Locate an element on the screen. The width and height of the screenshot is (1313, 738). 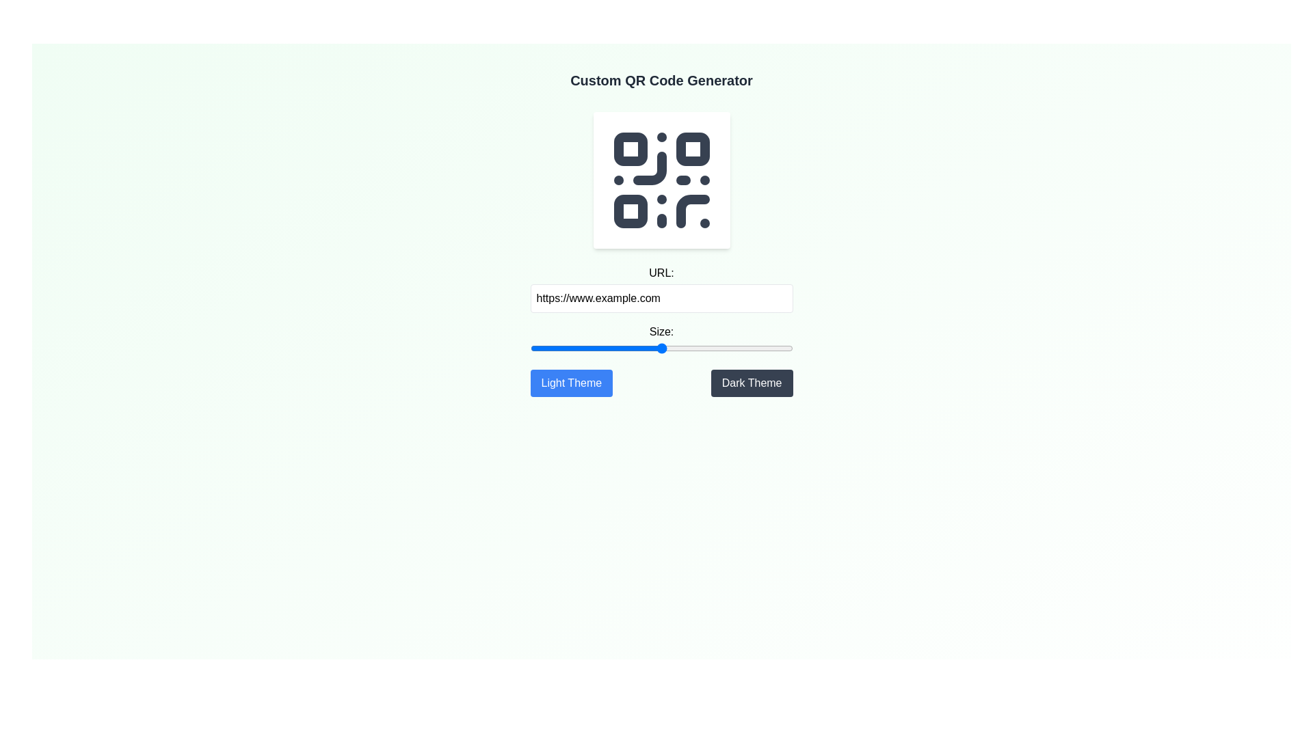
the third square of the QR code located near the bottom-left quadrant for scanning purposes is located at coordinates (629, 211).